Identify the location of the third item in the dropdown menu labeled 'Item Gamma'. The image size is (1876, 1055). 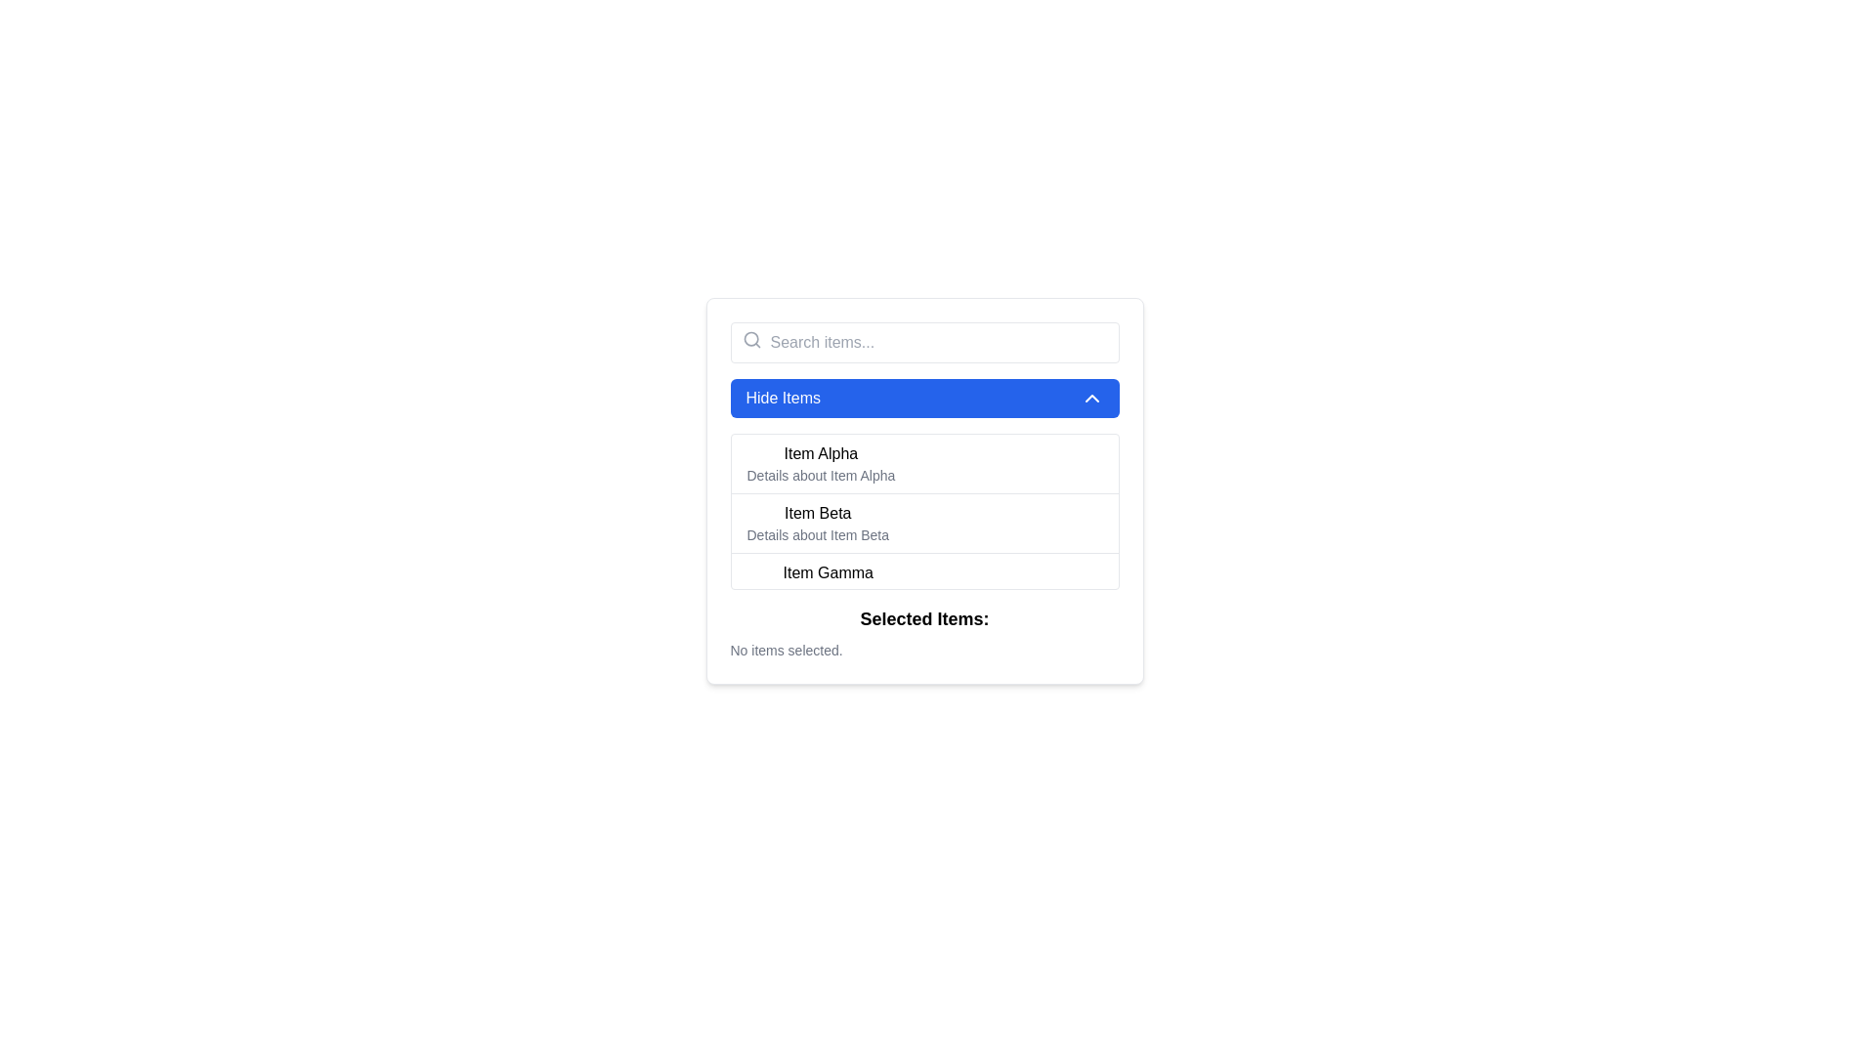
(828, 582).